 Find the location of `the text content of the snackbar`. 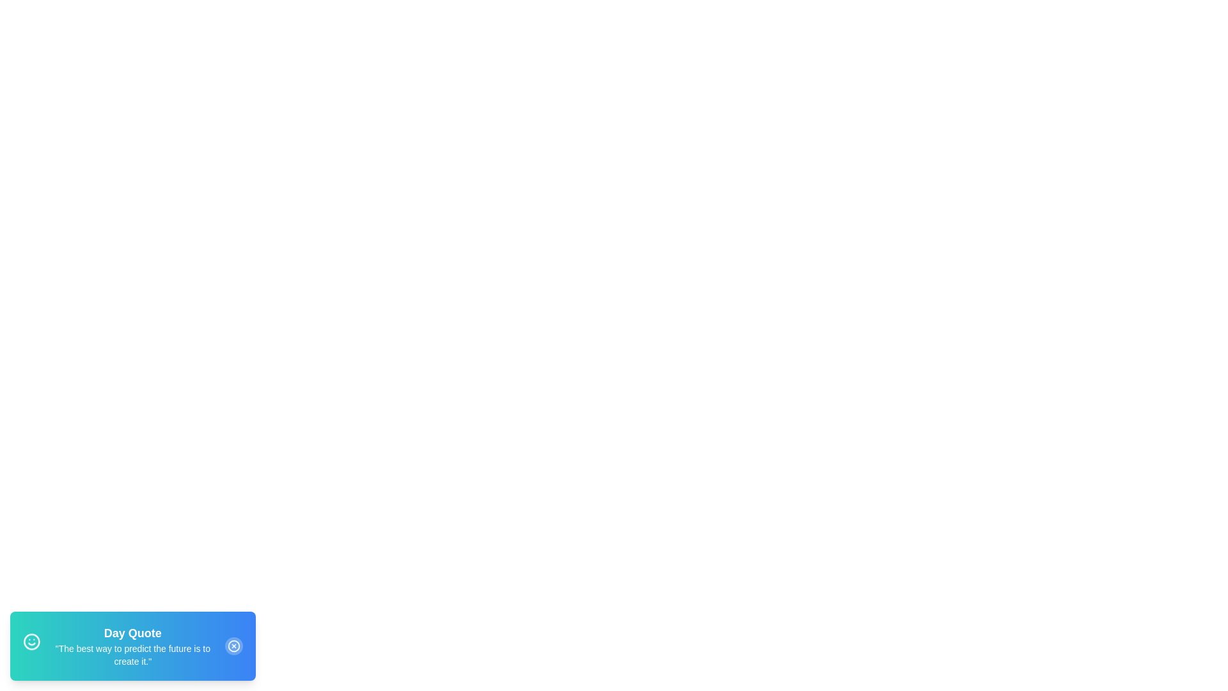

the text content of the snackbar is located at coordinates (48, 642).